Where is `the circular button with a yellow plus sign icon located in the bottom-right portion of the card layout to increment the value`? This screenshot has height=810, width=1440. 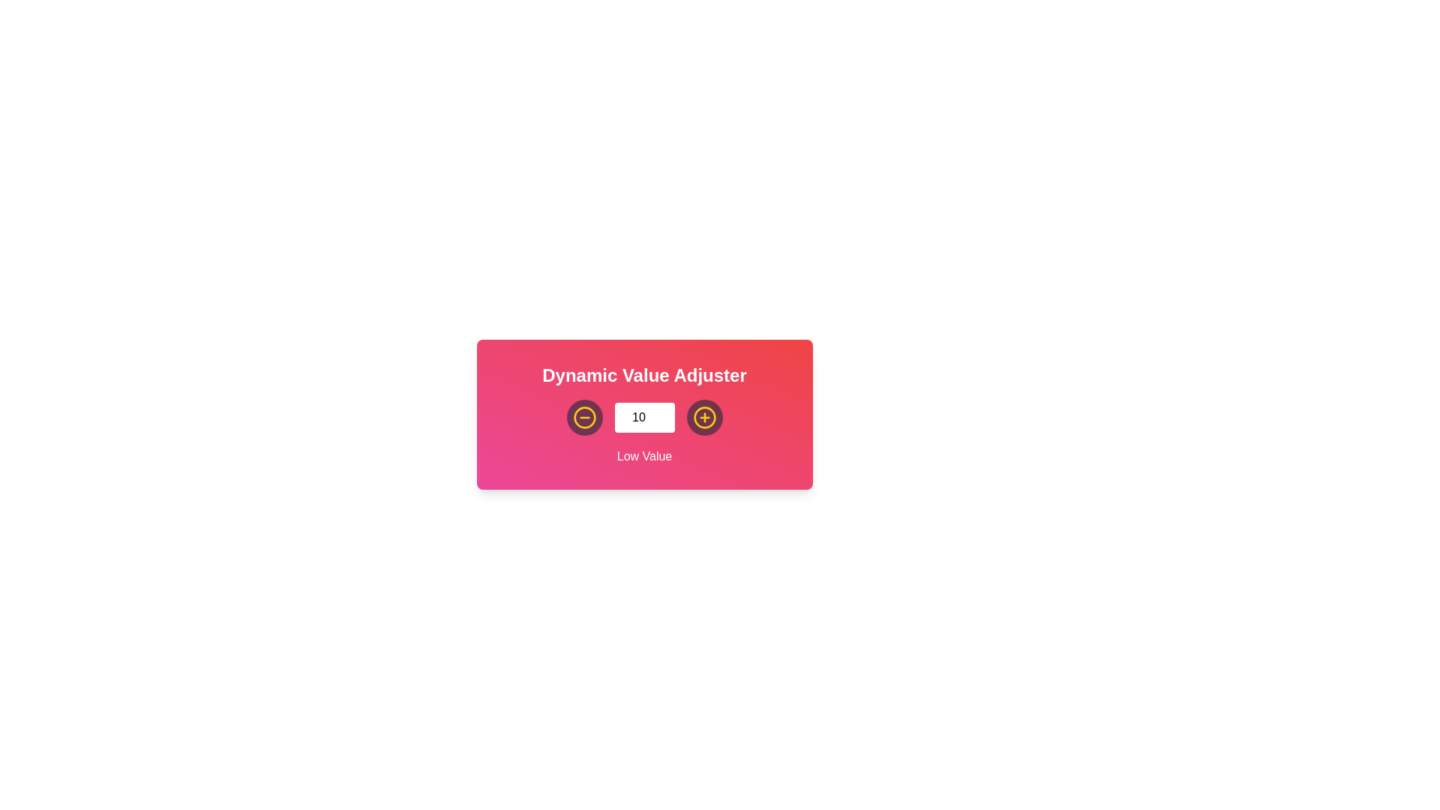 the circular button with a yellow plus sign icon located in the bottom-right portion of the card layout to increment the value is located at coordinates (703, 417).